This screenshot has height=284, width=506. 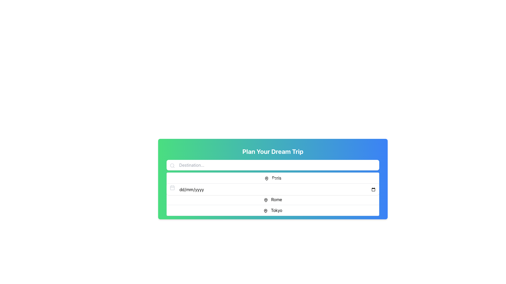 What do you see at coordinates (273, 199) in the screenshot?
I see `the selectable list option displaying 'Rome', which is styled with padding and has a location pin icon to its left` at bounding box center [273, 199].